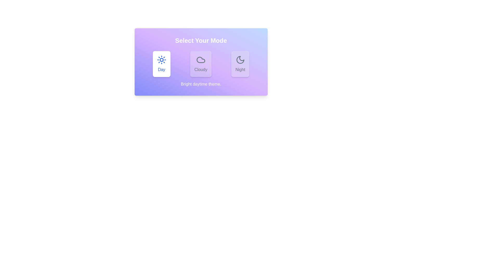 Image resolution: width=499 pixels, height=280 pixels. I want to click on the theme Day by clicking on its button, so click(161, 64).